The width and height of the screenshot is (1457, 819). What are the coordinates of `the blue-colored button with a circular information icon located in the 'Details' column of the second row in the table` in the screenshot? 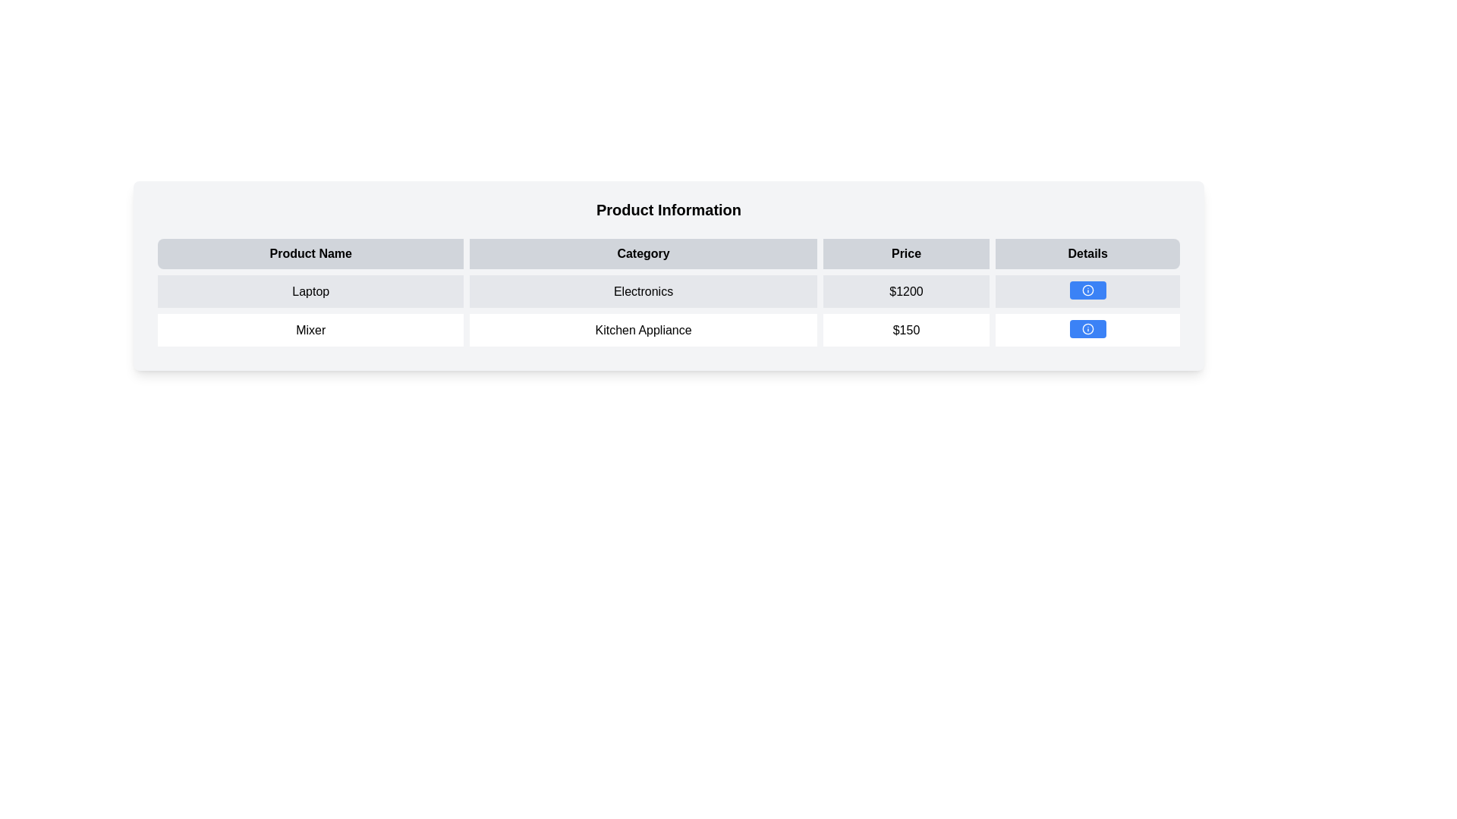 It's located at (1087, 328).